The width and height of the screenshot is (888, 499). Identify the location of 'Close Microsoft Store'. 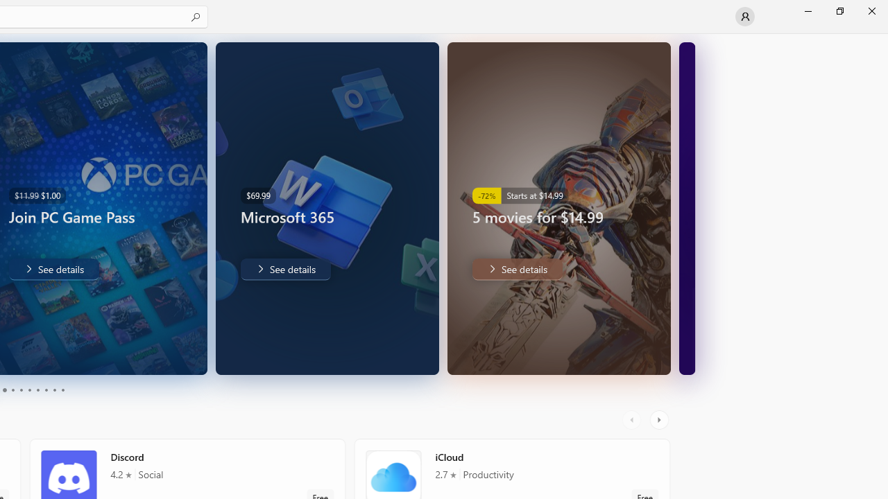
(871, 10).